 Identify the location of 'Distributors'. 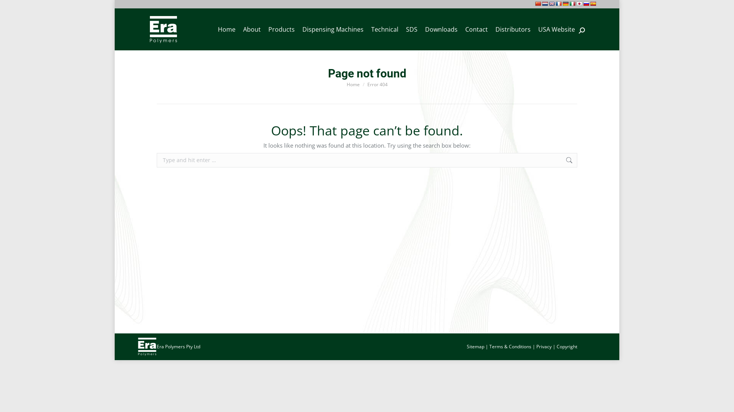
(513, 29).